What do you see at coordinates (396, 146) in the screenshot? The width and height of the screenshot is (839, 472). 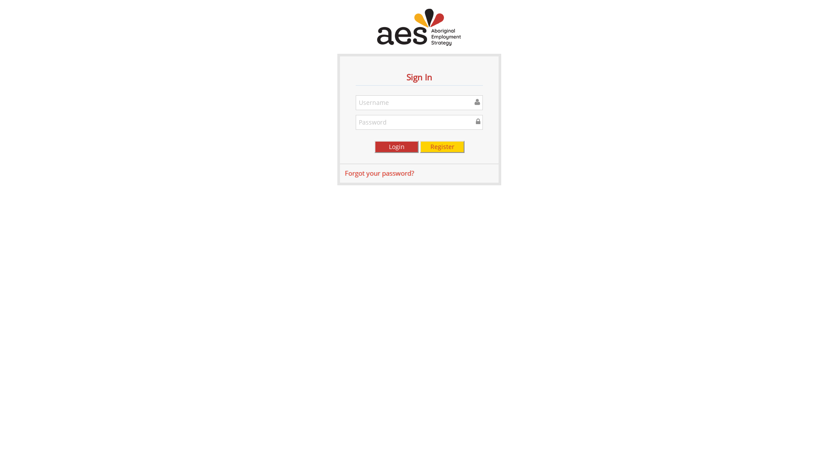 I see `'Login'` at bounding box center [396, 146].